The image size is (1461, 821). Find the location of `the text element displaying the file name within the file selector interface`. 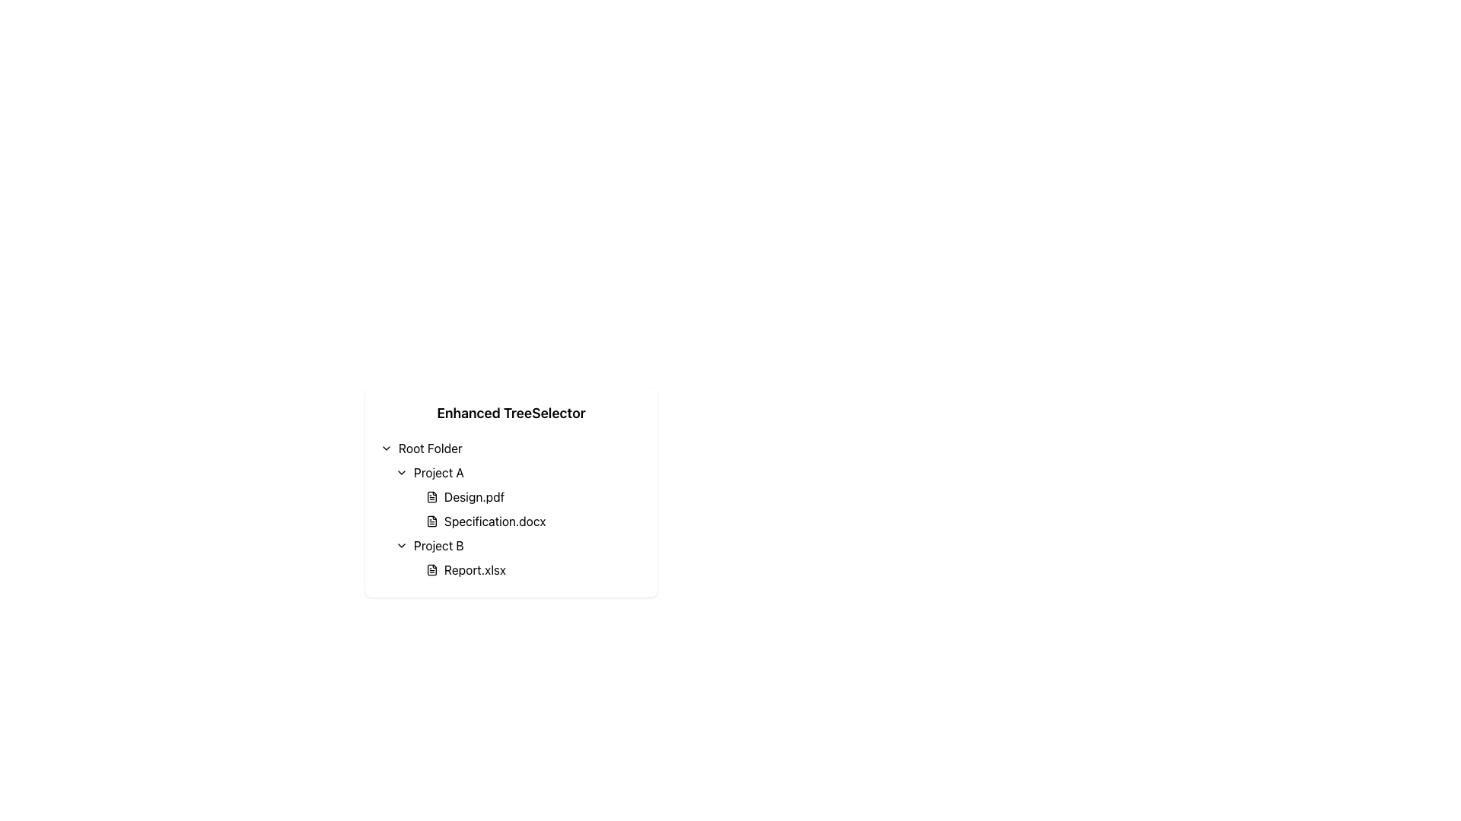

the text element displaying the file name within the file selector interface is located at coordinates (495, 521).